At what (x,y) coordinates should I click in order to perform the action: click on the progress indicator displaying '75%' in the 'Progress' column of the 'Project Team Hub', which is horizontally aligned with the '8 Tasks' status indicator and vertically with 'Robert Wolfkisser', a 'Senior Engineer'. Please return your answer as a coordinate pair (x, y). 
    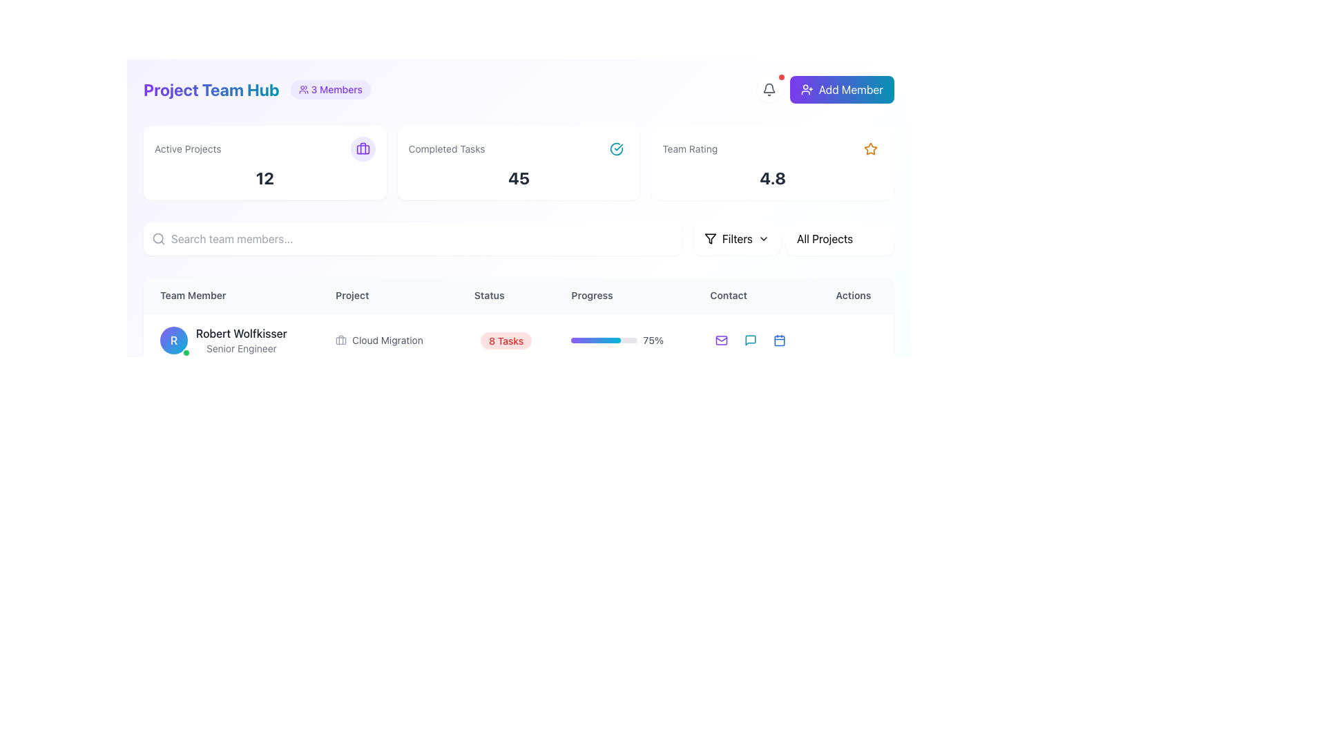
    Looking at the image, I should click on (623, 340).